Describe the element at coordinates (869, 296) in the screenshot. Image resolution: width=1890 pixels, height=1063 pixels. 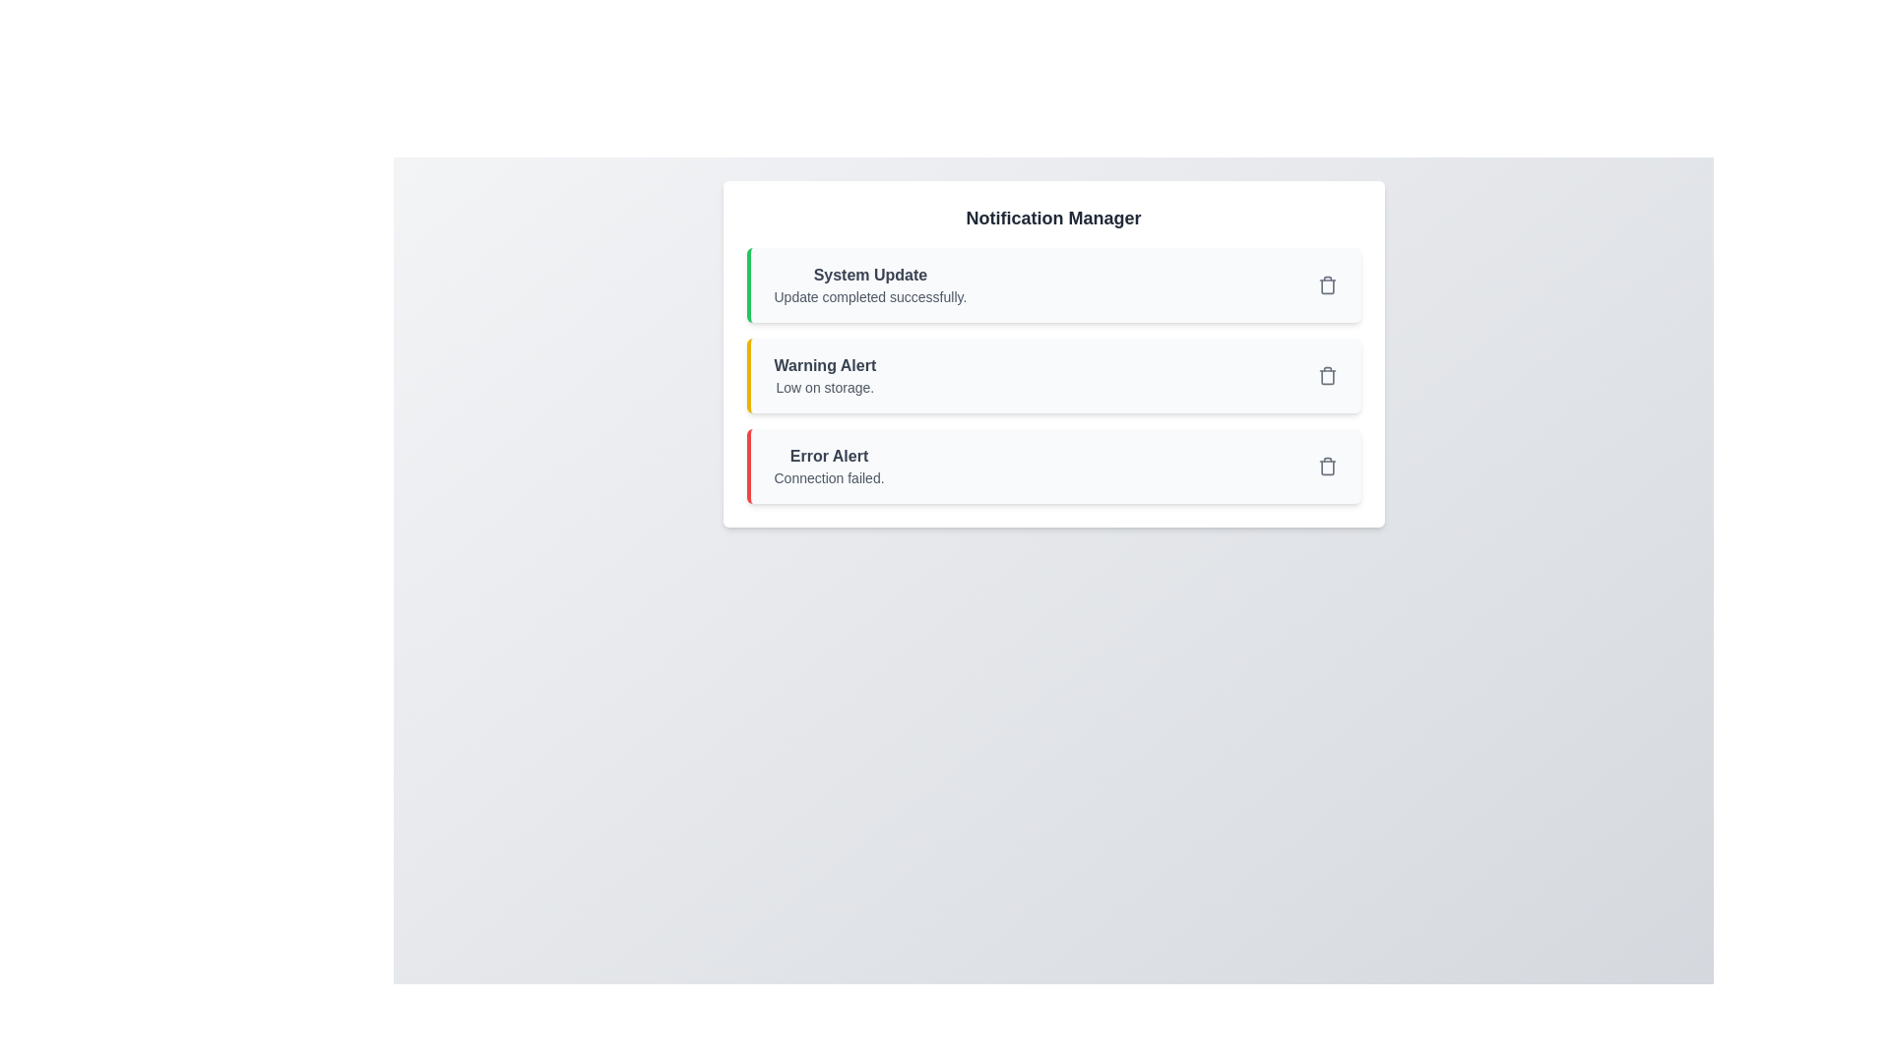
I see `the informational text snippet reading 'Update completed successfully.' which is styled in a smaller gray font beneath the 'System Update' title` at that location.